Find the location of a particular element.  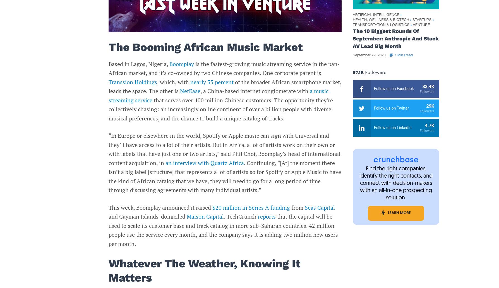

'“In Europe or elsewhere in the world, Spotify or Apple music can sign with Universal and they’ll have access to a lot of their artists. But in Africa, a lot of artists work on their own or with labels that have just one or two artists,” said Phil Choi, Boomplay’s head of international content acquisition, in' is located at coordinates (224, 149).